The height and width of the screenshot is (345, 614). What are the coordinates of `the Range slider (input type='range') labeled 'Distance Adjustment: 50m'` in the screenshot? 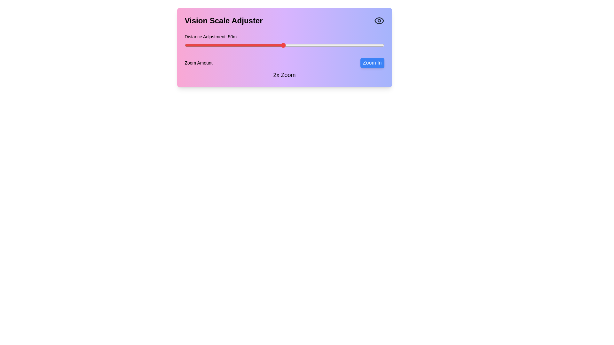 It's located at (284, 42).